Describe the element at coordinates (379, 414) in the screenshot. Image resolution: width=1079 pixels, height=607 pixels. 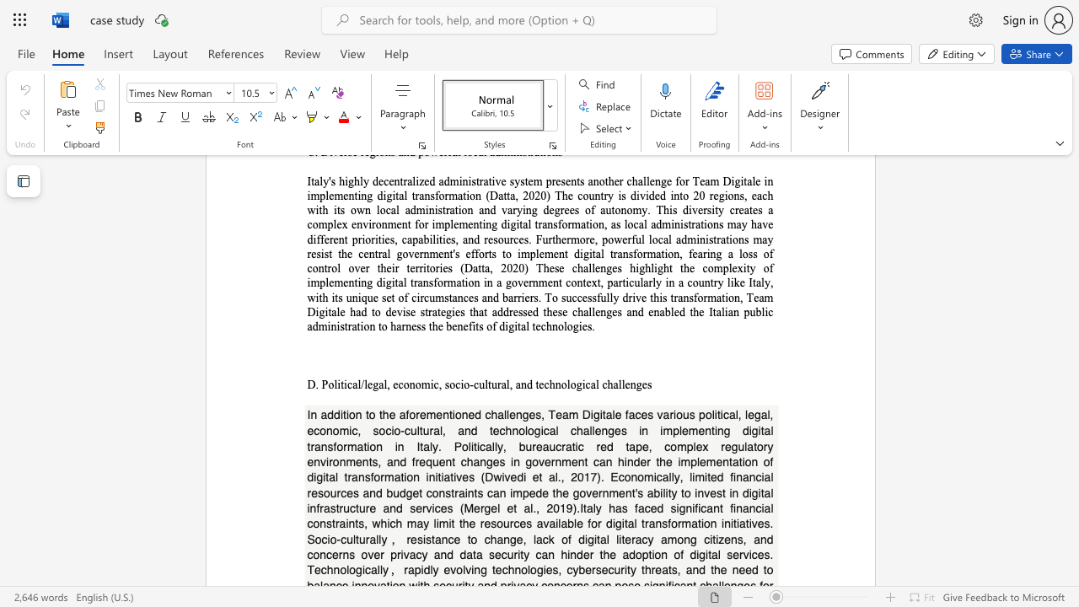
I see `the 3th character "t" in the text` at that location.